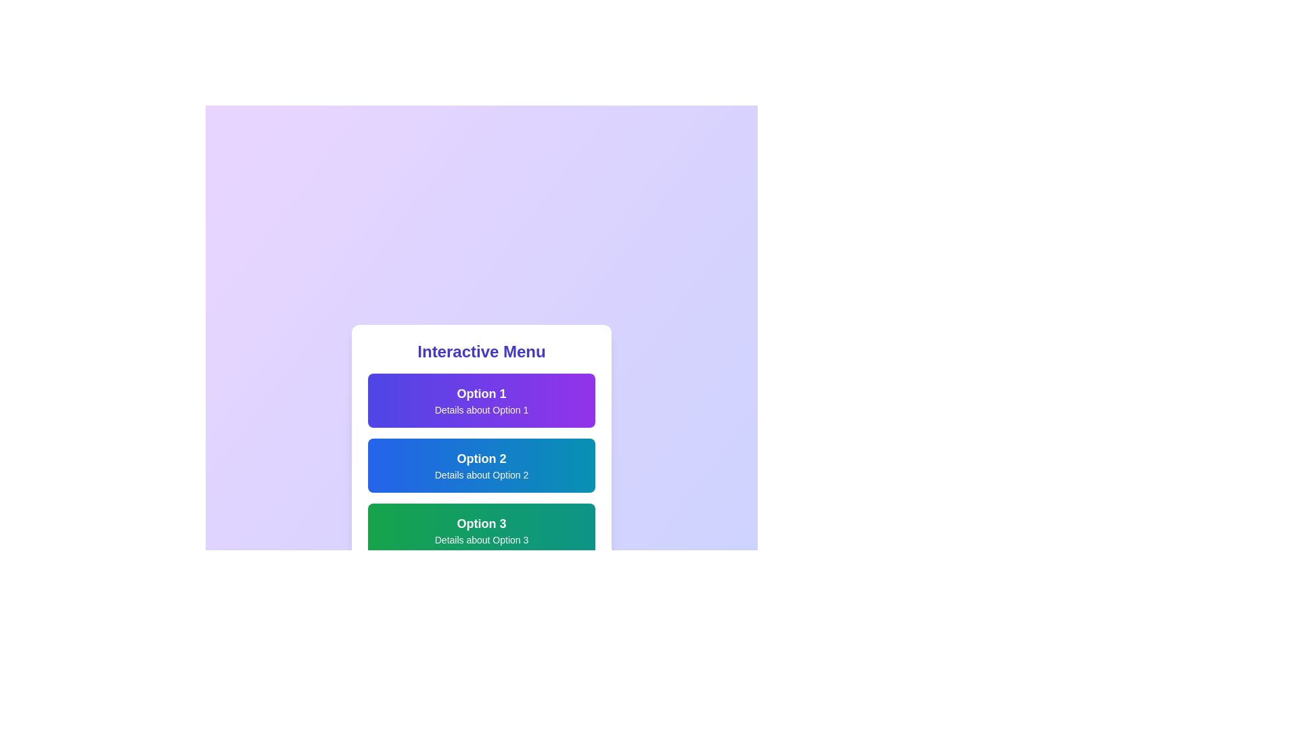 The image size is (1299, 731). I want to click on the menu option Option 1, so click(481, 399).